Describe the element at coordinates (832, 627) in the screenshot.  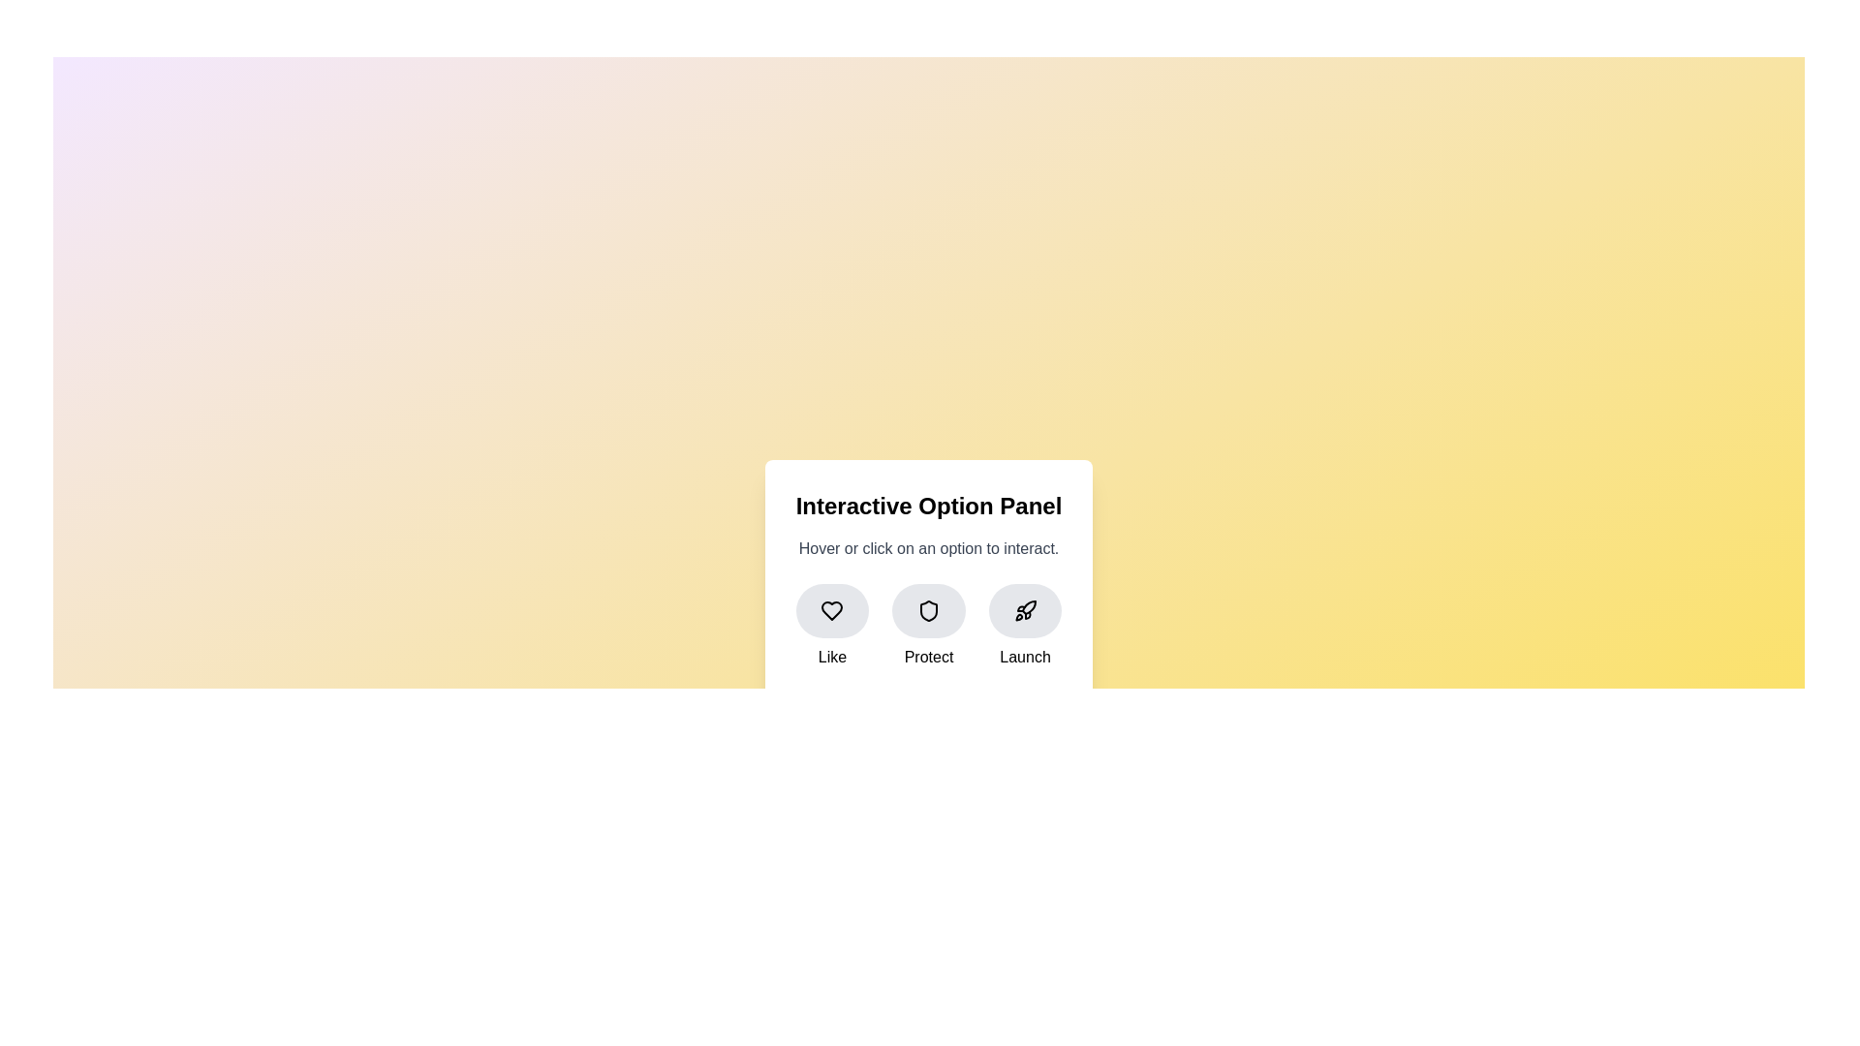
I see `the 'Like' button, which features a circular heart icon and is positioned as the first item in a row of three buttons` at that location.